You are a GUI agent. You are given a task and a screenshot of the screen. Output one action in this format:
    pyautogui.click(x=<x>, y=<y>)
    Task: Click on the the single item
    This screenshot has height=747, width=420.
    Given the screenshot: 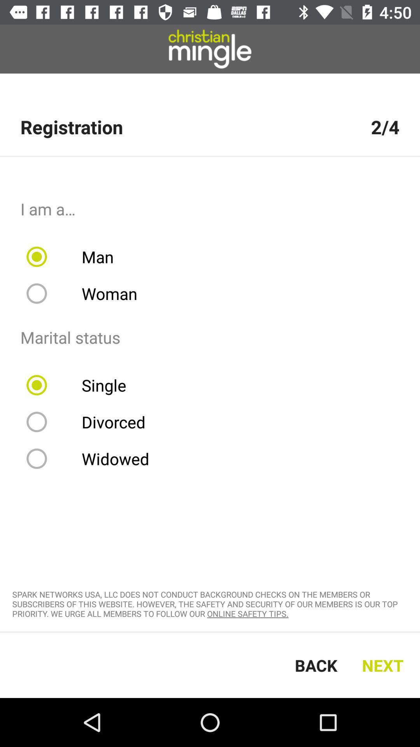 What is the action you would take?
    pyautogui.click(x=81, y=385)
    